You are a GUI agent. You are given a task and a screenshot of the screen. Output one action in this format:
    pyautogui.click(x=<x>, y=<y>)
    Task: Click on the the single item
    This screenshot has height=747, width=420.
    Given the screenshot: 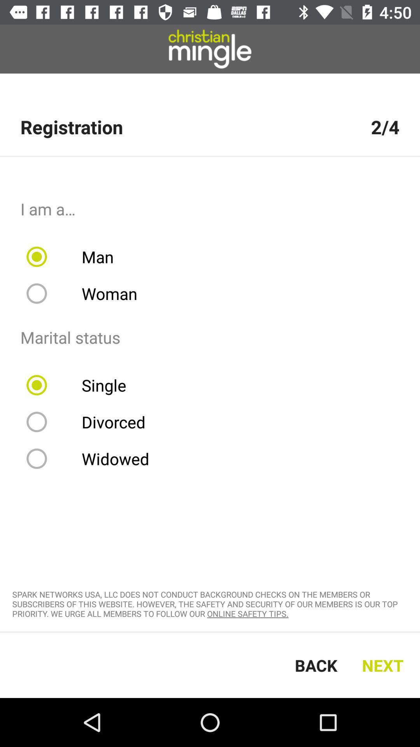 What is the action you would take?
    pyautogui.click(x=81, y=385)
    